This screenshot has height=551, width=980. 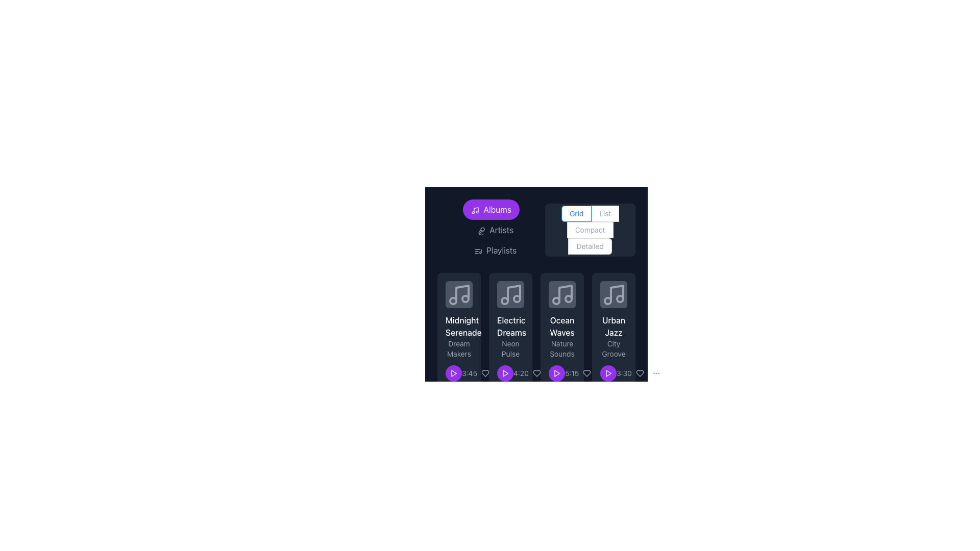 I want to click on the ellipsis icon located in the bottom-right corner of the interface, so click(x=502, y=373).